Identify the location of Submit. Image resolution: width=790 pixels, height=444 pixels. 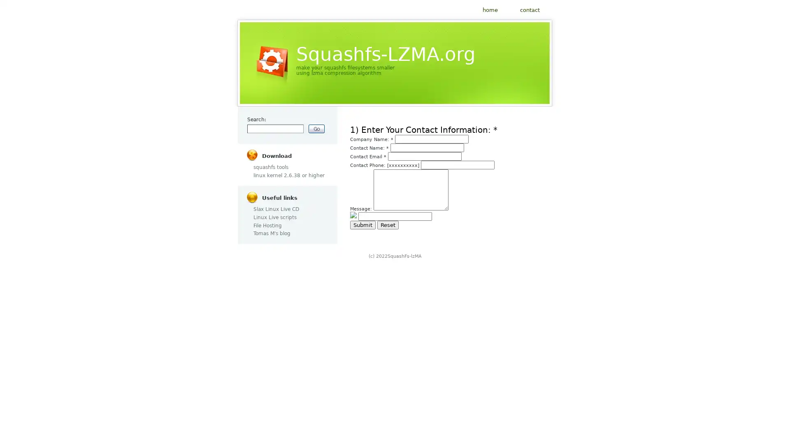
(362, 224).